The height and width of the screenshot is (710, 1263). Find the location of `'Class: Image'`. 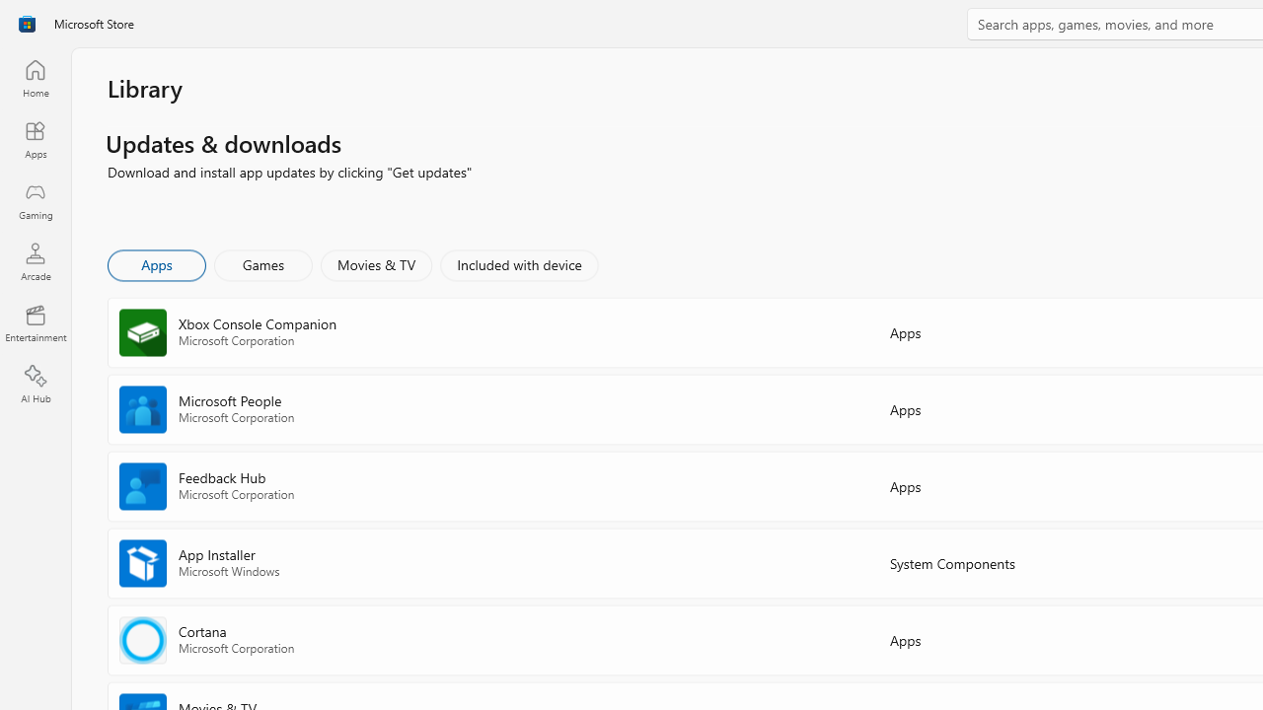

'Class: Image' is located at coordinates (27, 24).